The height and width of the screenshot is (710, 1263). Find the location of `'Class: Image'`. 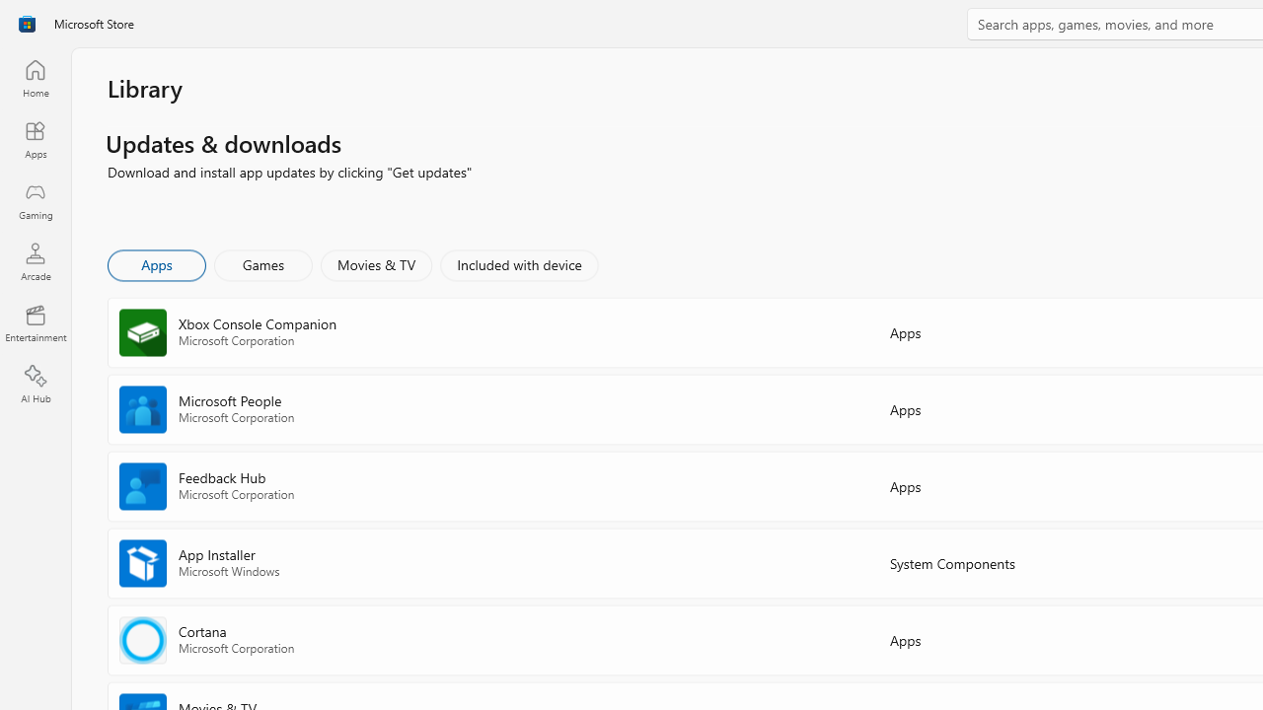

'Class: Image' is located at coordinates (27, 24).